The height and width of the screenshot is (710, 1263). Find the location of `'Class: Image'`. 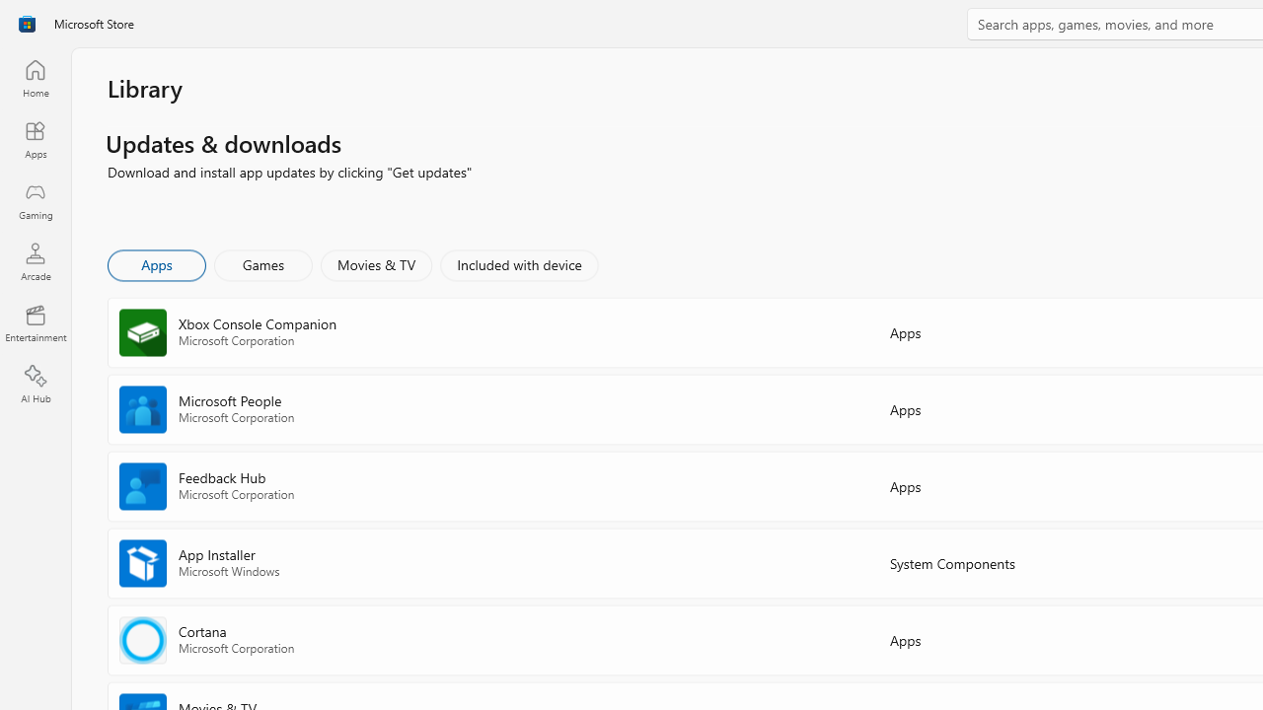

'Class: Image' is located at coordinates (27, 24).